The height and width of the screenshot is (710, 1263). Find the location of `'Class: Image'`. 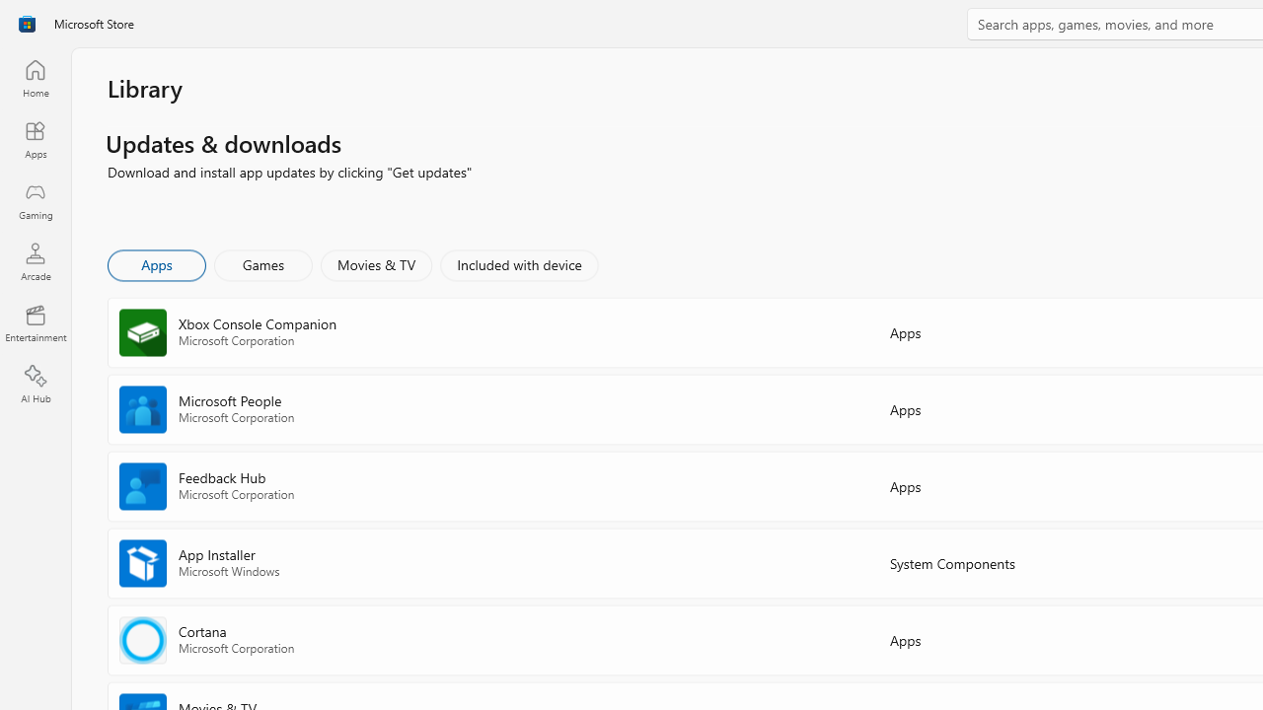

'Class: Image' is located at coordinates (27, 24).